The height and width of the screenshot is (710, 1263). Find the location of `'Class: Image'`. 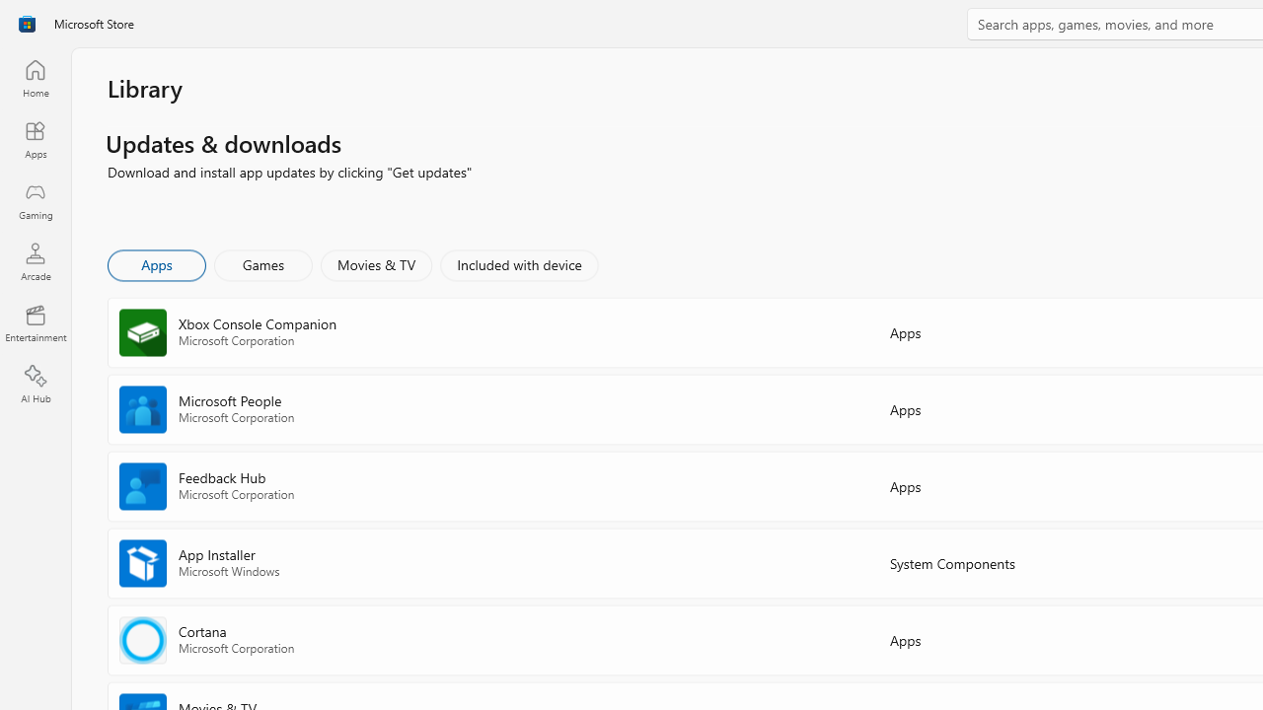

'Class: Image' is located at coordinates (27, 24).